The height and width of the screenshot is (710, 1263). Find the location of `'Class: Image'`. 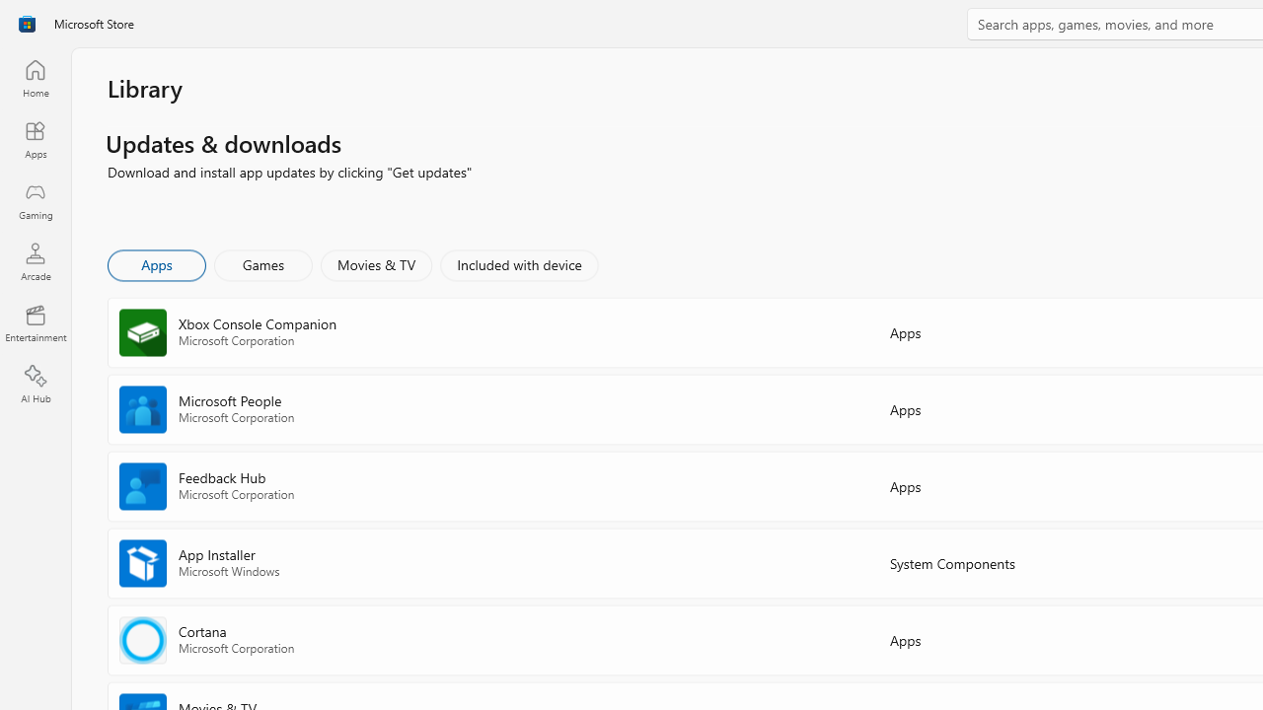

'Class: Image' is located at coordinates (27, 24).